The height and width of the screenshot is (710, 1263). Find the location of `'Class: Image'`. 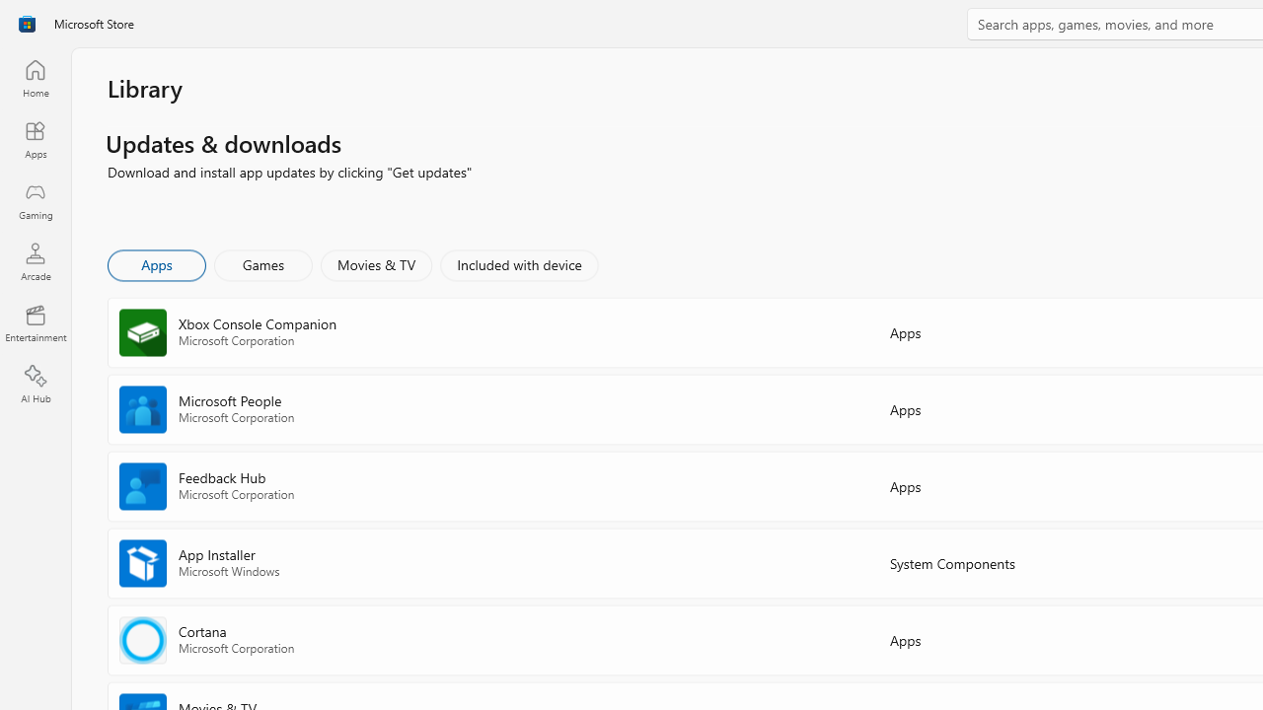

'Class: Image' is located at coordinates (27, 24).